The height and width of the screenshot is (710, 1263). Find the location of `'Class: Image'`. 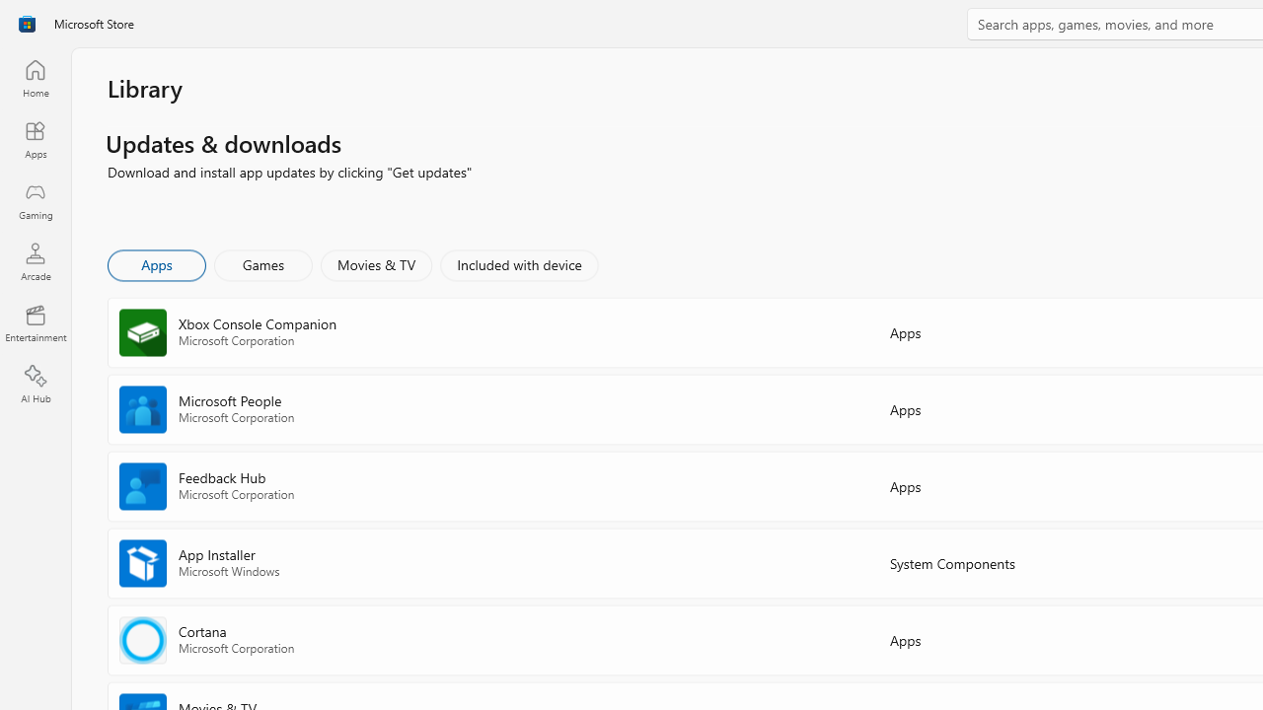

'Class: Image' is located at coordinates (27, 24).